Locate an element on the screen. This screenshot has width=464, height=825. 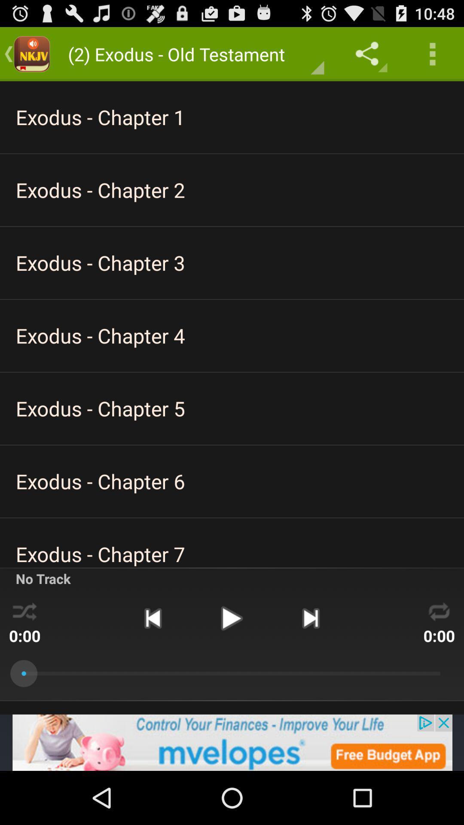
the symbol which is to the first left of 000 is located at coordinates (311, 618).